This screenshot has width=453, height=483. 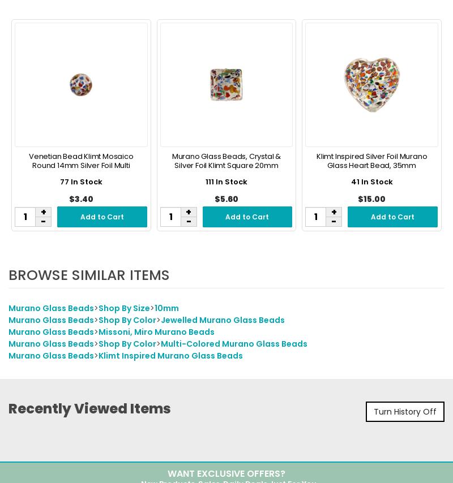 I want to click on 'Jewelled Murano Glass Beads', so click(x=222, y=320).